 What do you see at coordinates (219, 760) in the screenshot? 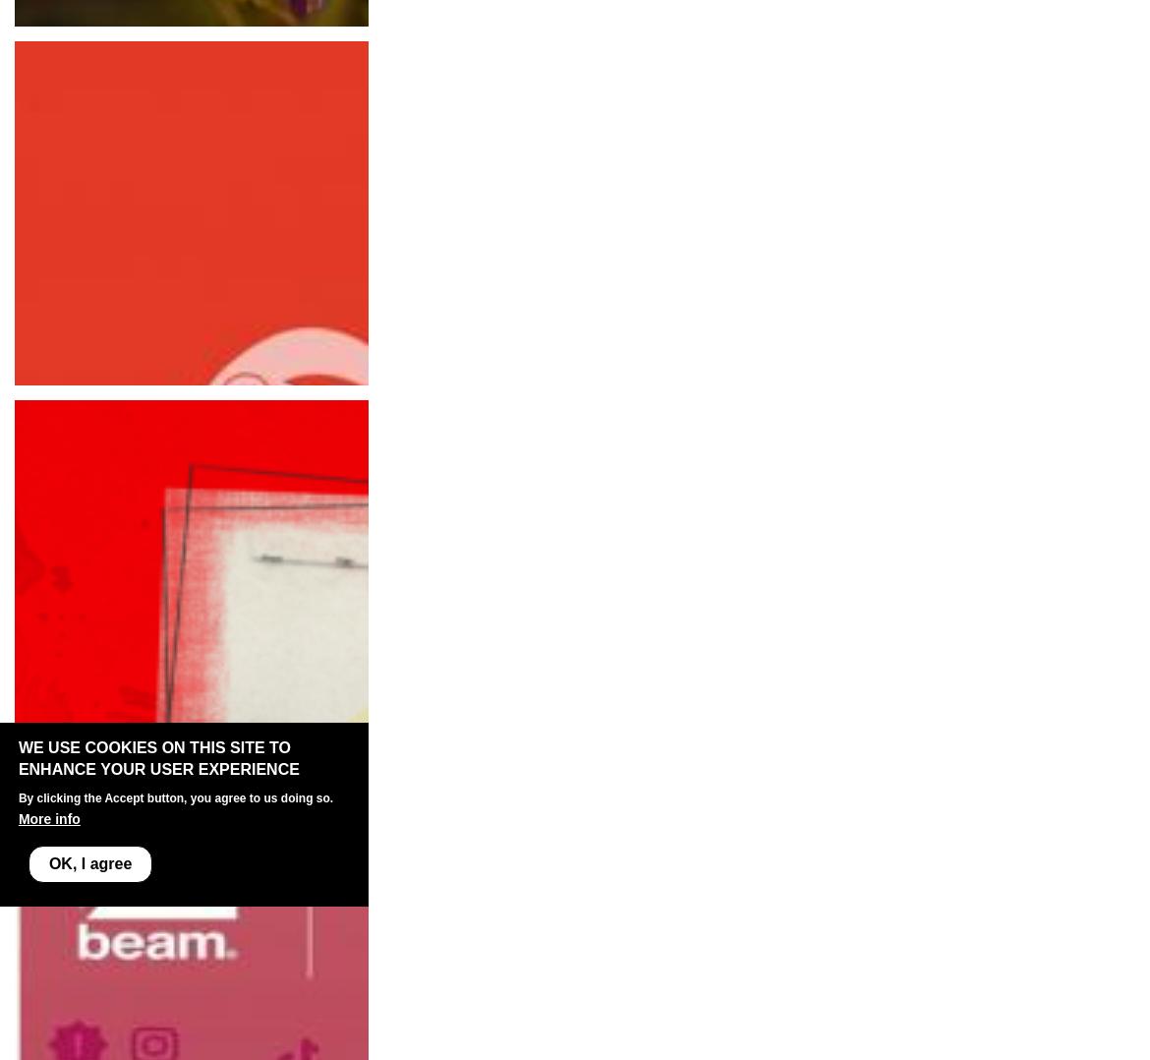
I see `'Harassment of women in politics on the rise in Sri Lanka'` at bounding box center [219, 760].